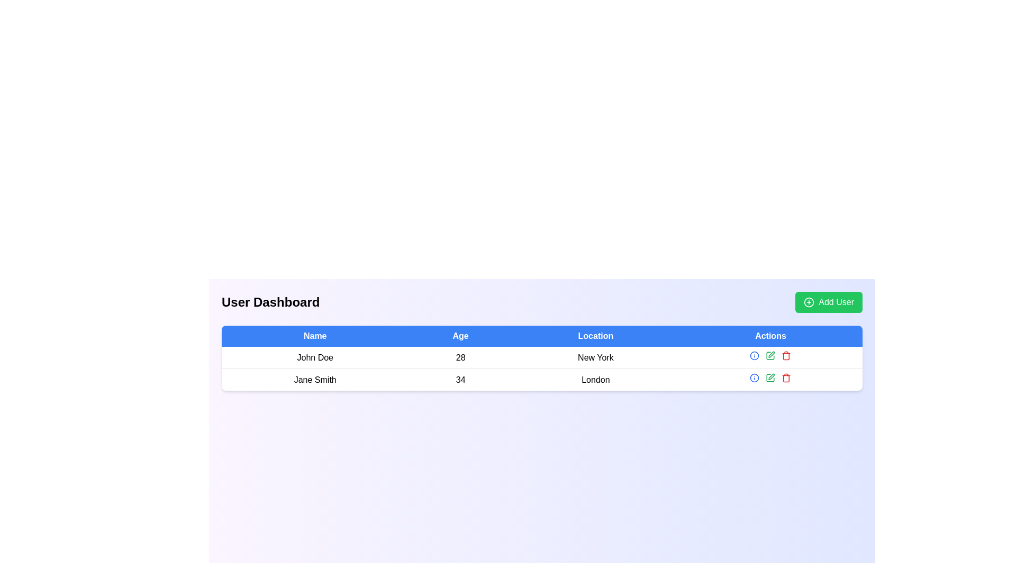  I want to click on the trash can SVG icon located in the Actions column of the row for user 'Jane Smith', so click(786, 378).